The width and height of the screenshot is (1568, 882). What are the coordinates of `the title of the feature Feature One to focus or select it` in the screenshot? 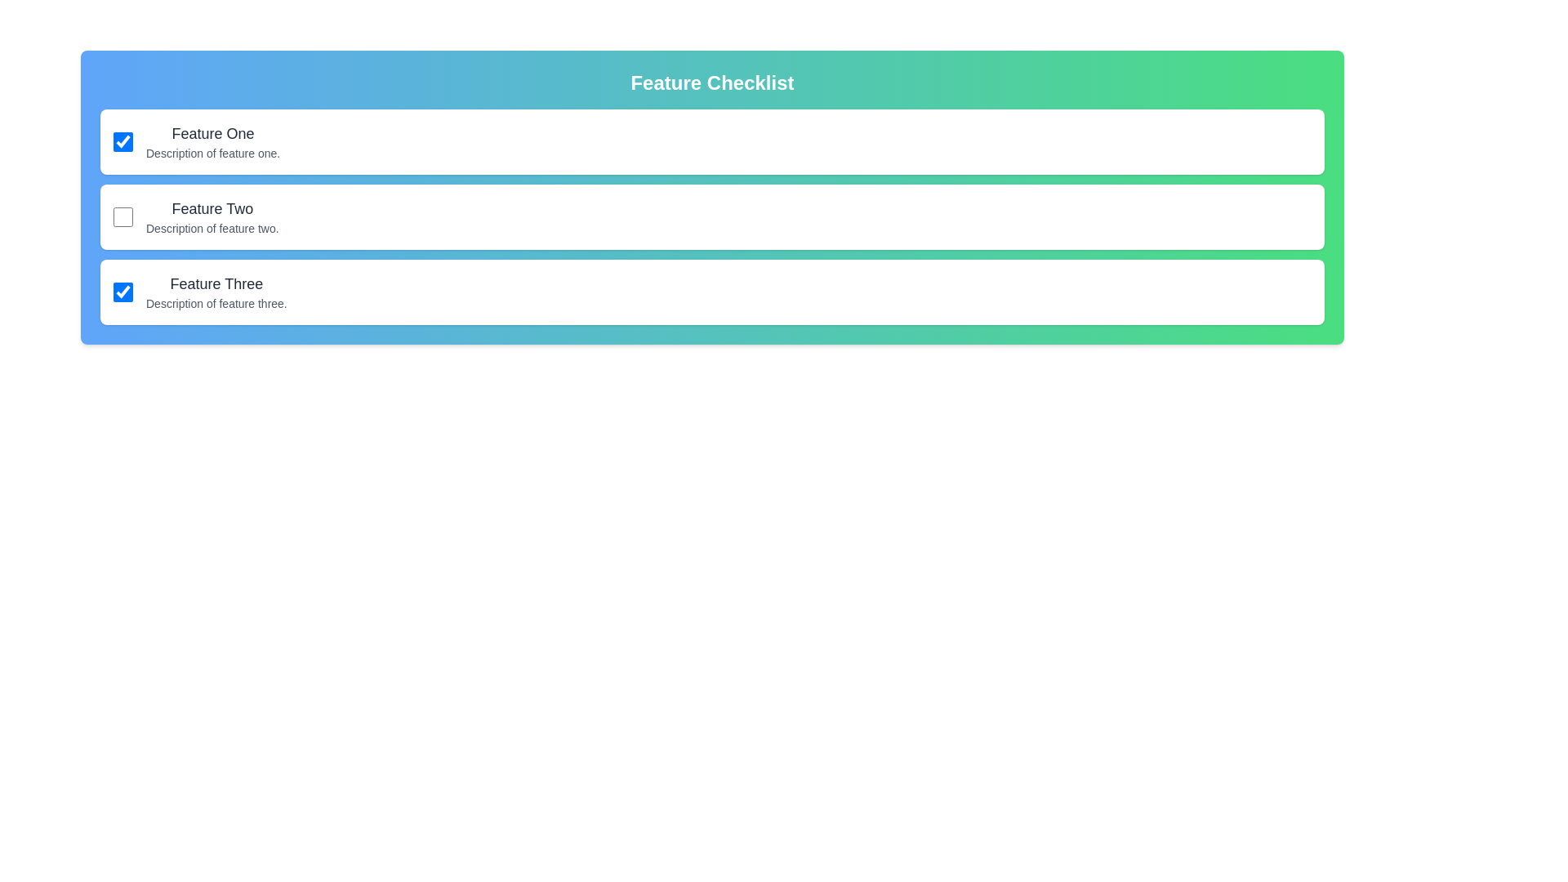 It's located at (212, 133).